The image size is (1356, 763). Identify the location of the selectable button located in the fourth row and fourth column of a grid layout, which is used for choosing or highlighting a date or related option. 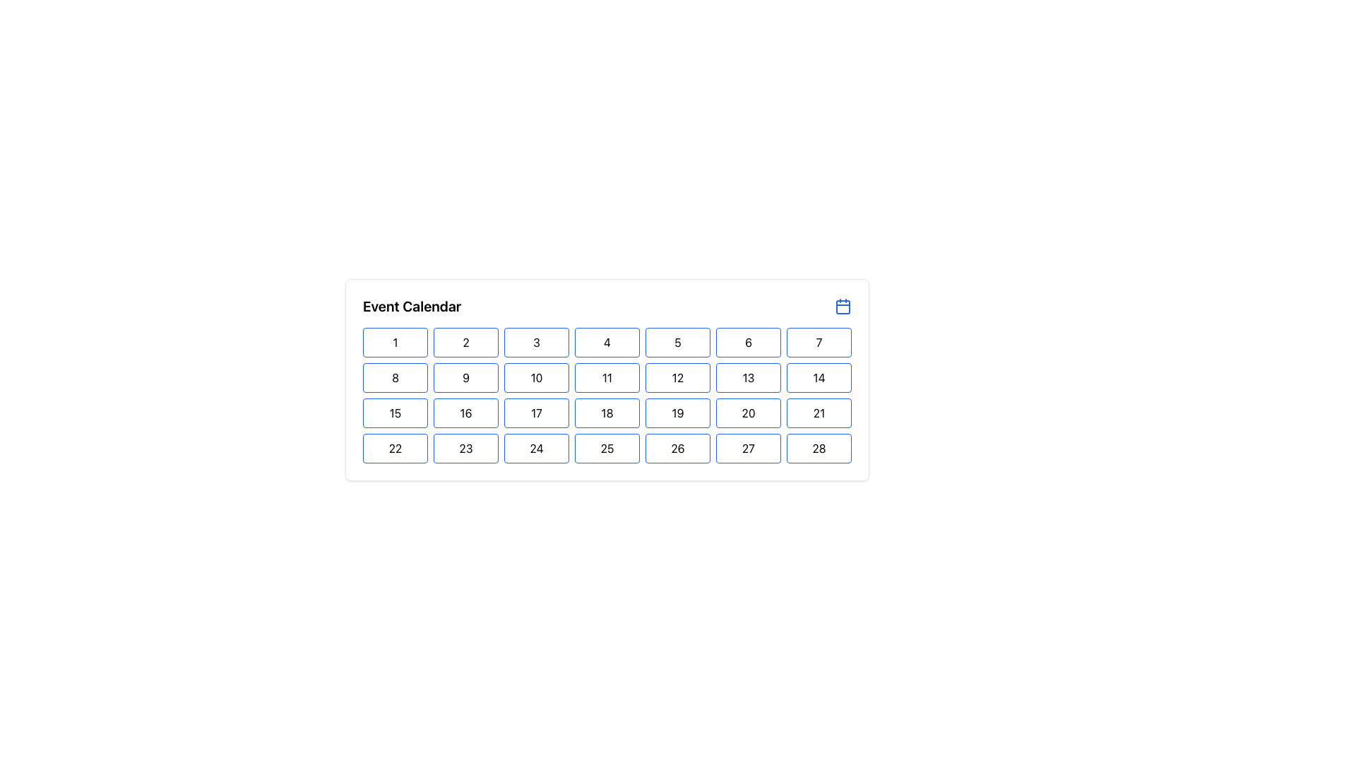
(607, 449).